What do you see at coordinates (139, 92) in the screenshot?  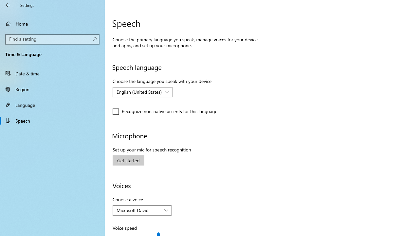 I see `'English (United States)'` at bounding box center [139, 92].